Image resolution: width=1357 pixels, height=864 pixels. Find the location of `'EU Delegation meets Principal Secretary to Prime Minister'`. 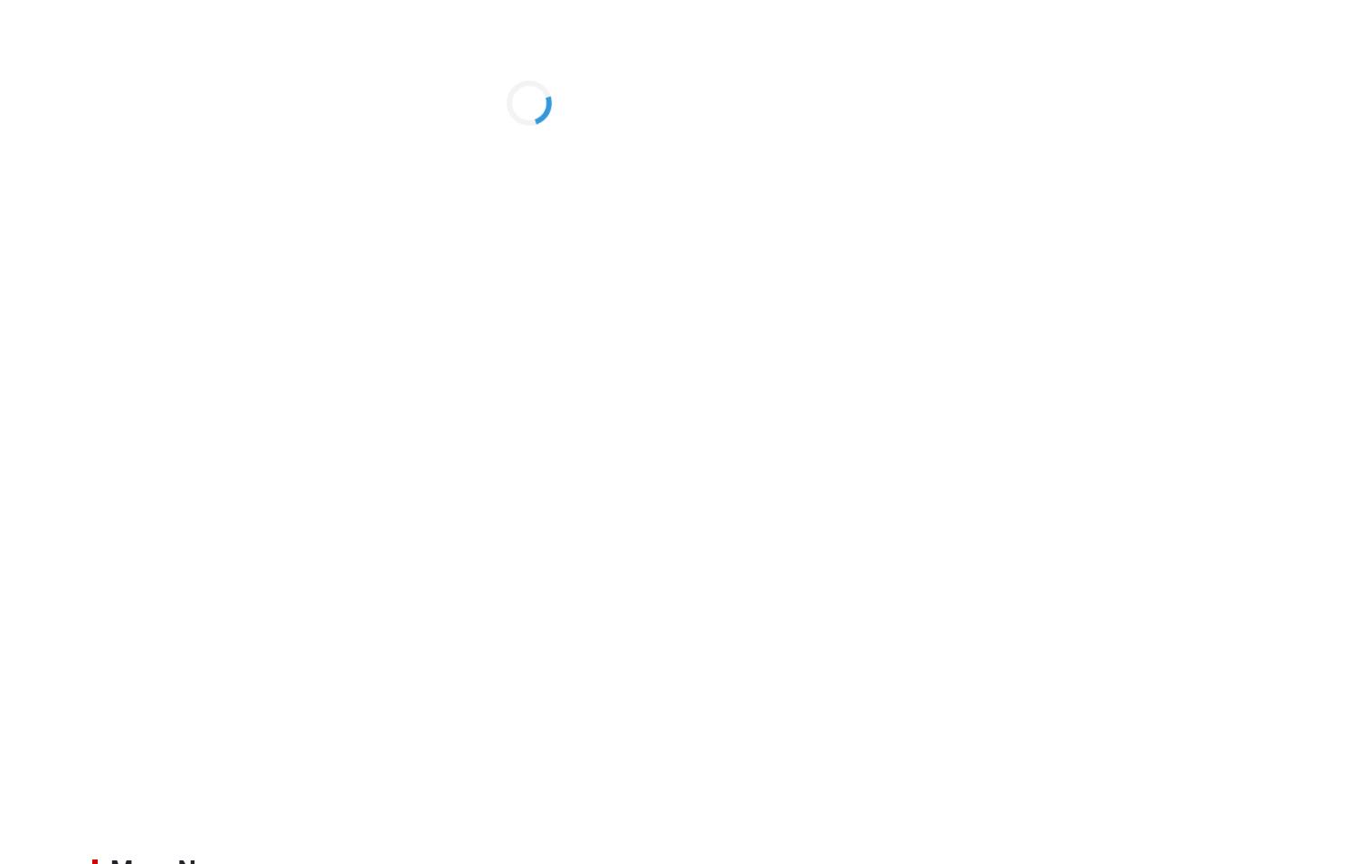

'EU Delegation meets Principal Secretary to Prime Minister' is located at coordinates (1129, 488).